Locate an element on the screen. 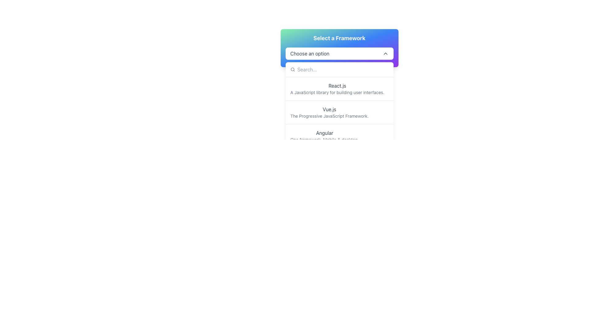 This screenshot has width=589, height=331. the 'Choose an option' text label located in the dropdown header section is located at coordinates (310, 53).